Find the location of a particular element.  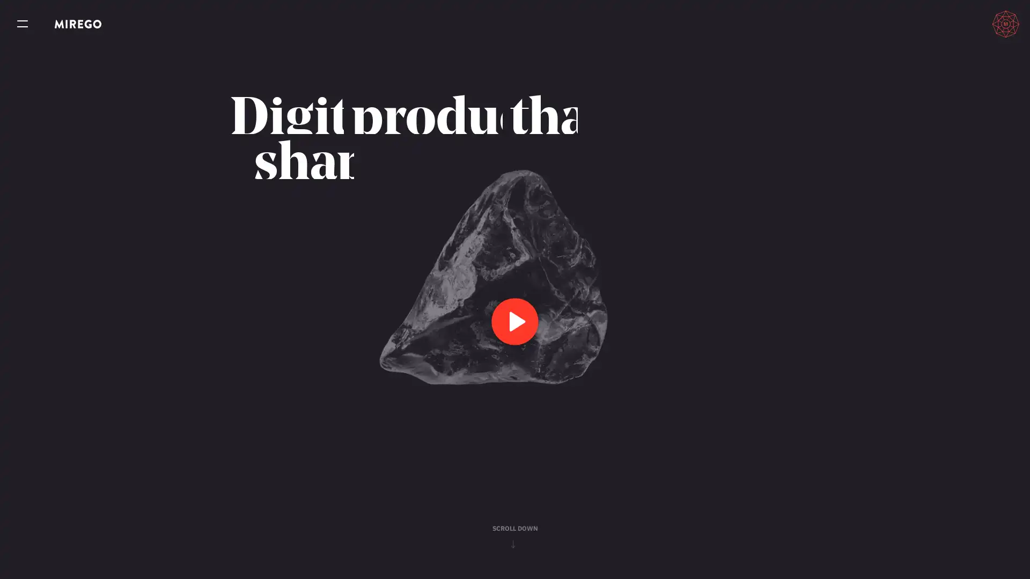

Passer a la version francaise is located at coordinates (955, 24).